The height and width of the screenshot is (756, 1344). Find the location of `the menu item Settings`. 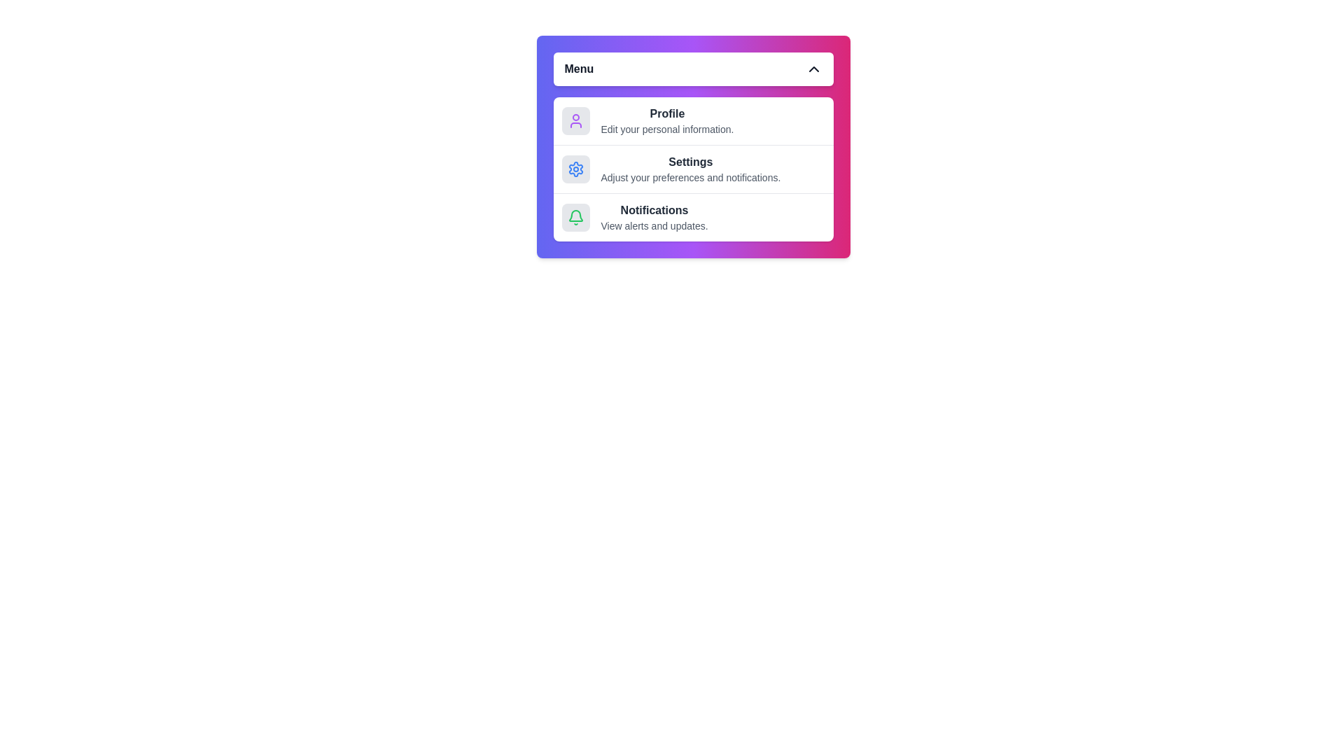

the menu item Settings is located at coordinates (693, 168).